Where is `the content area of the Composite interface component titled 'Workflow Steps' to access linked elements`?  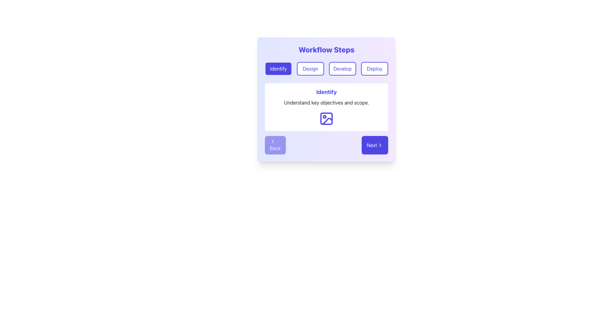
the content area of the Composite interface component titled 'Workflow Steps' to access linked elements is located at coordinates (326, 99).